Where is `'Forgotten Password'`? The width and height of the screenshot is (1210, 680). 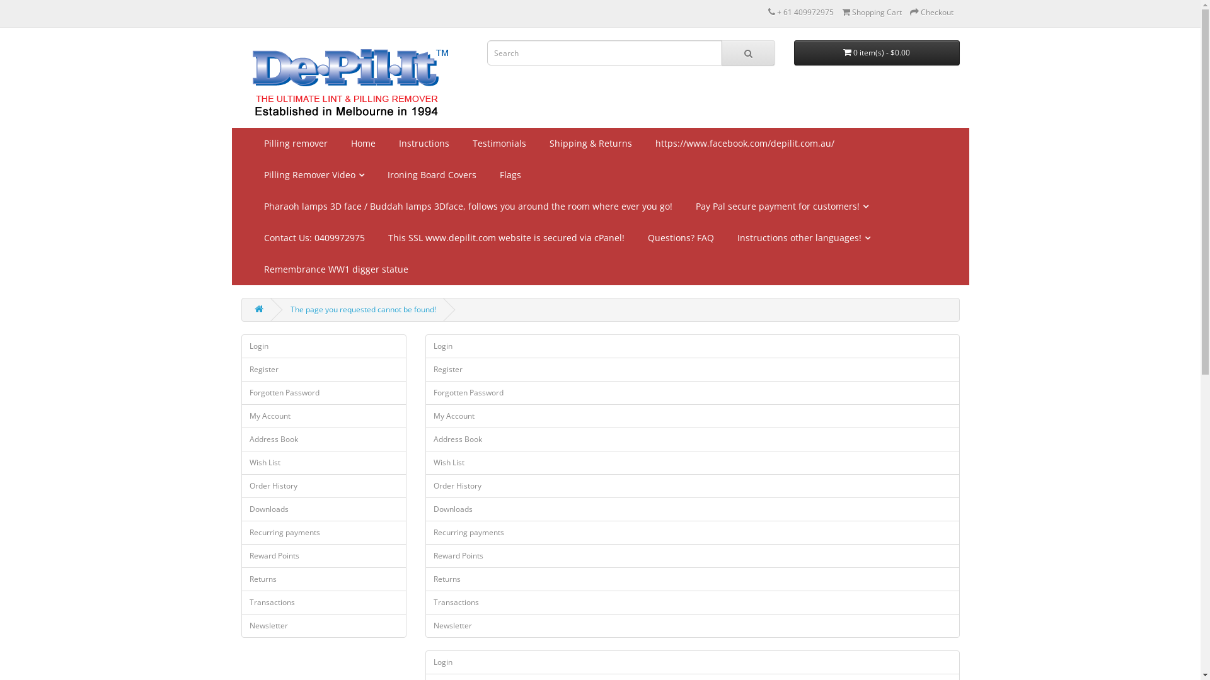 'Forgotten Password' is located at coordinates (323, 392).